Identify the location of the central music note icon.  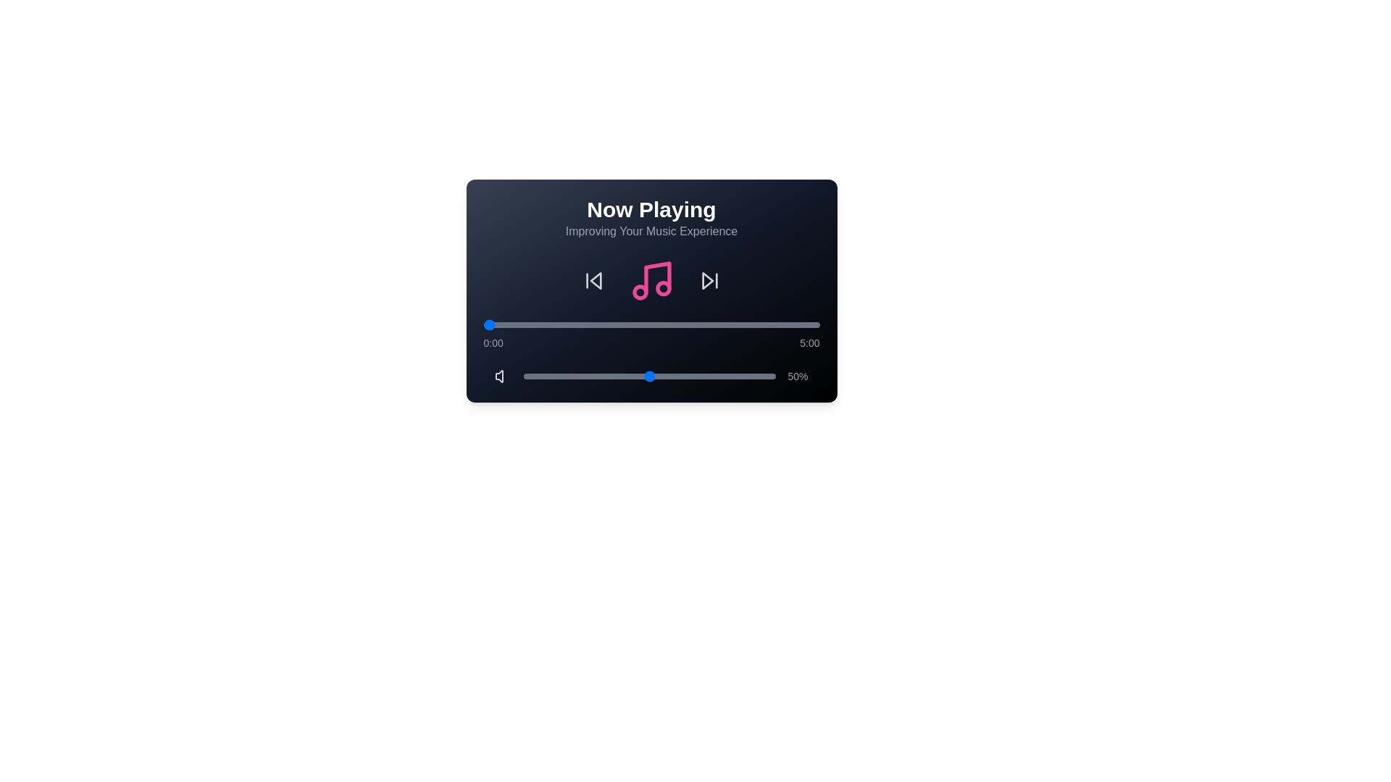
(651, 281).